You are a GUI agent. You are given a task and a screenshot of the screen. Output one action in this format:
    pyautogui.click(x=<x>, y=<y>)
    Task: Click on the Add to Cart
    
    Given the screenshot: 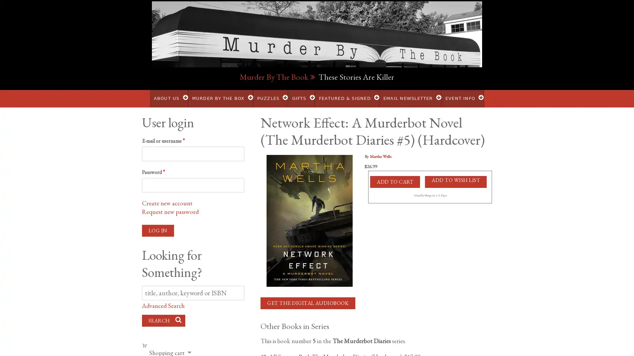 What is the action you would take?
    pyautogui.click(x=395, y=194)
    